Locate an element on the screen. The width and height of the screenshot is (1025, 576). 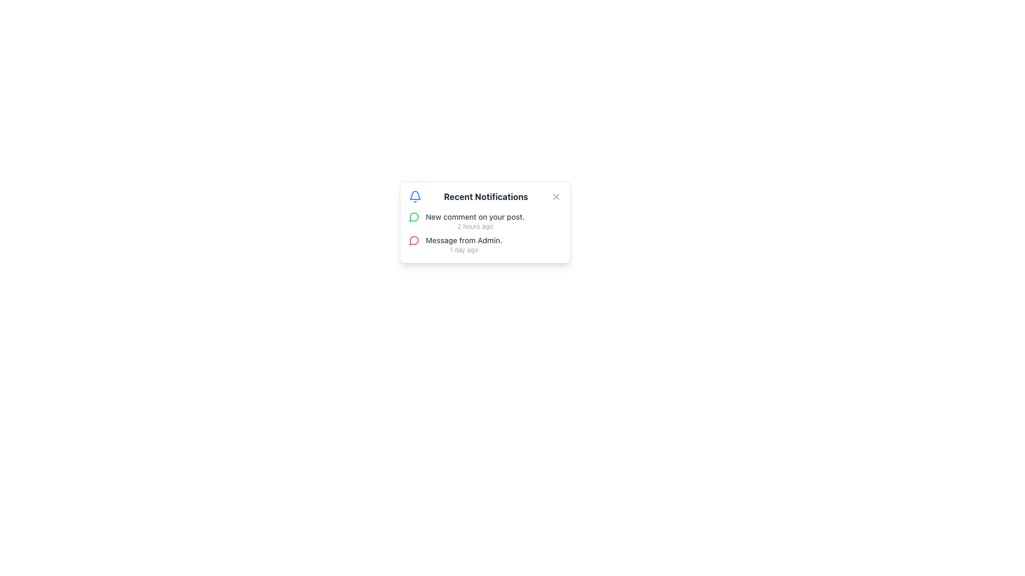
the List item notification message that reads 'Message from Admin.' with the timestamp '1 day ago', located in the notification area below 'New comment on your post. 2 hours ago' is located at coordinates (464, 245).